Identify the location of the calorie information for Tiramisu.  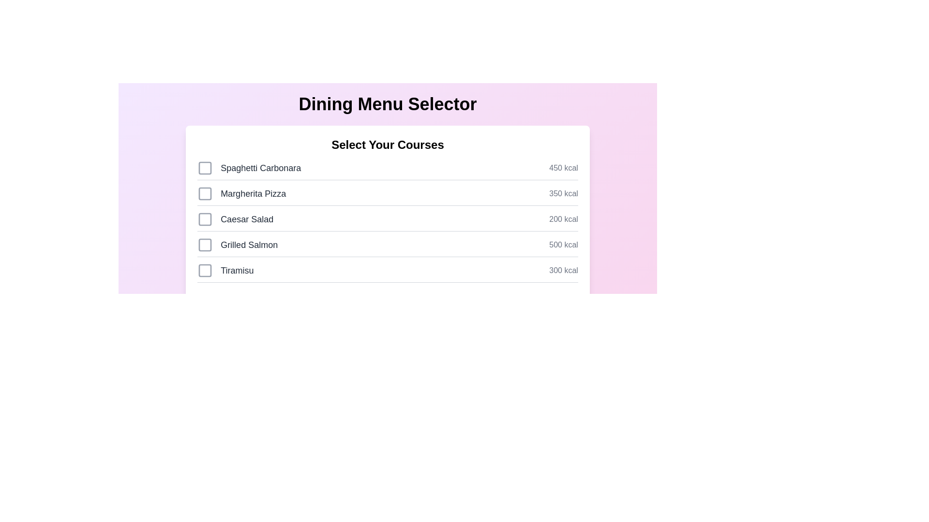
(564, 270).